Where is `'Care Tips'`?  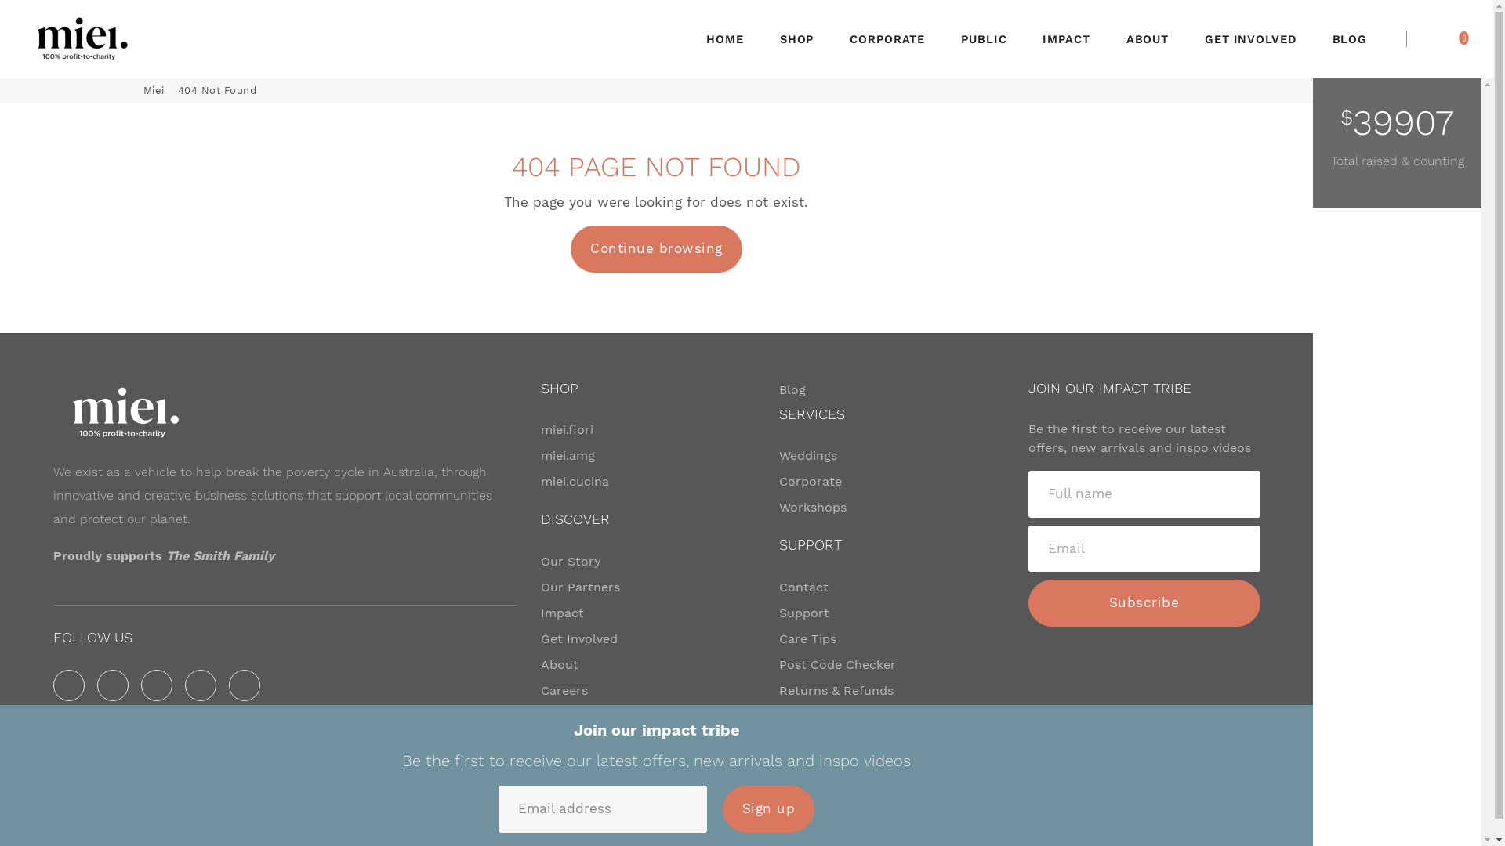
'Care Tips' is located at coordinates (807, 639).